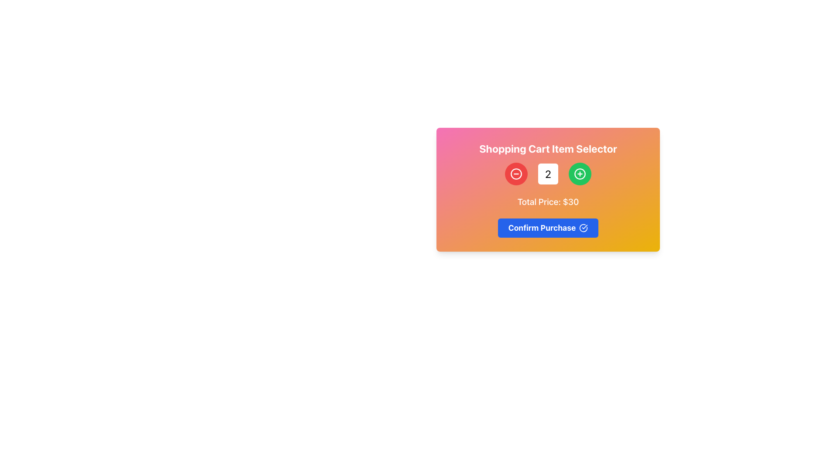  Describe the element at coordinates (584, 228) in the screenshot. I see `the circular blue icon with a checkmark located at the far right side of the 'Confirm Purchase' button` at that location.